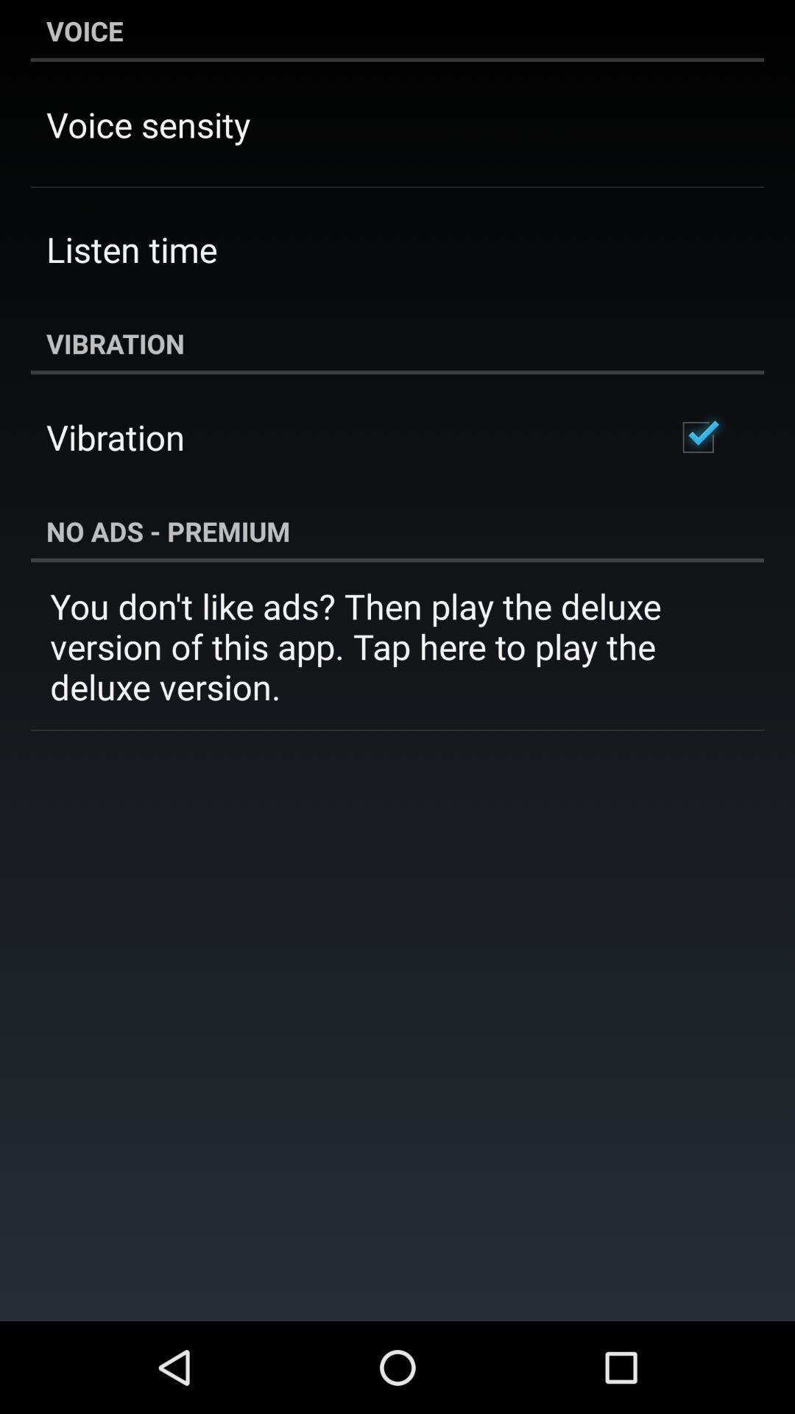 This screenshot has width=795, height=1414. Describe the element at coordinates (397, 646) in the screenshot. I see `you don t app` at that location.